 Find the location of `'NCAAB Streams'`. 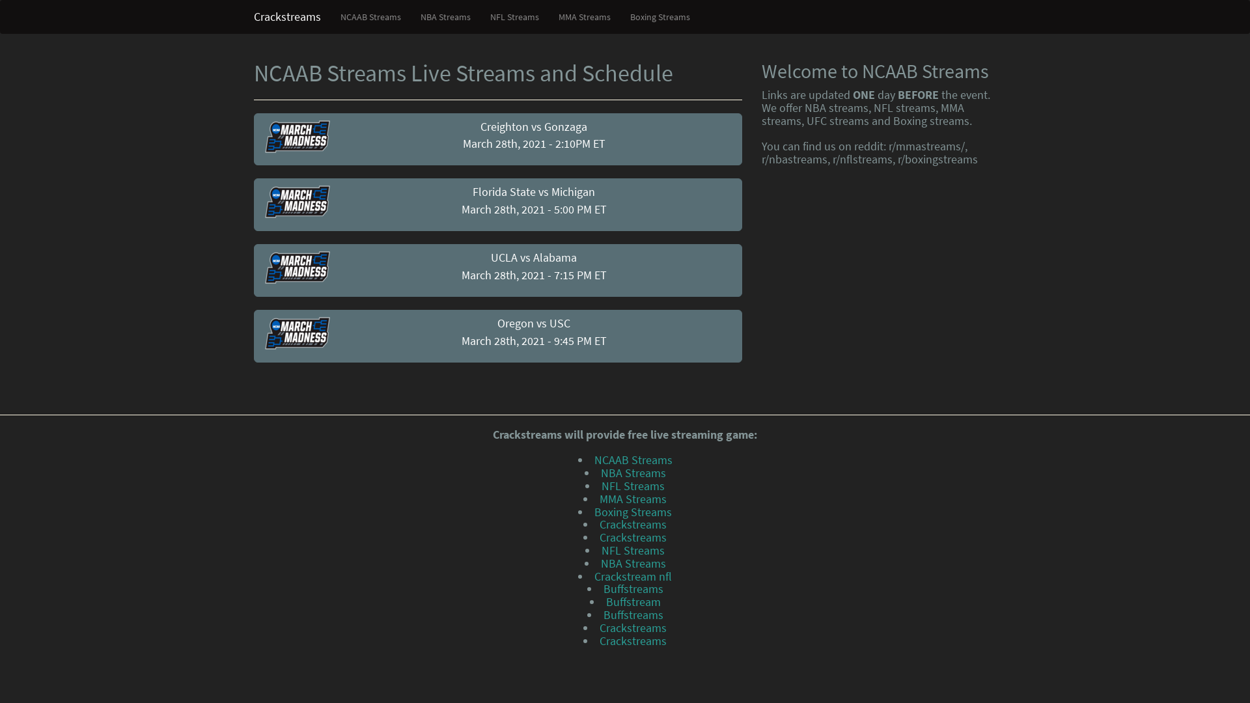

'NCAAB Streams' is located at coordinates (296, 333).